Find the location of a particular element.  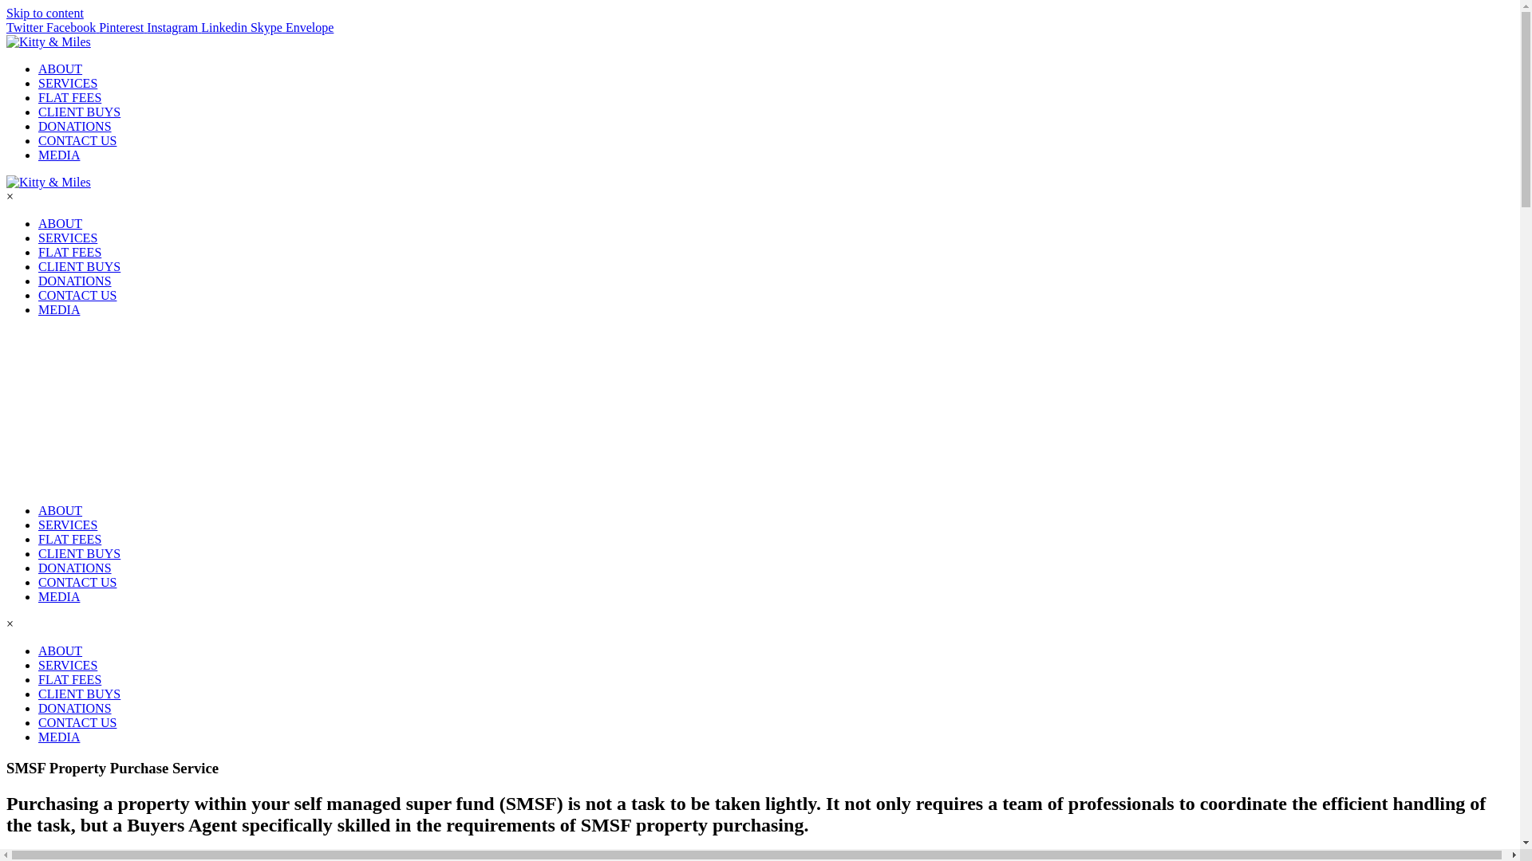

'FLAT FEES' is located at coordinates (69, 679).